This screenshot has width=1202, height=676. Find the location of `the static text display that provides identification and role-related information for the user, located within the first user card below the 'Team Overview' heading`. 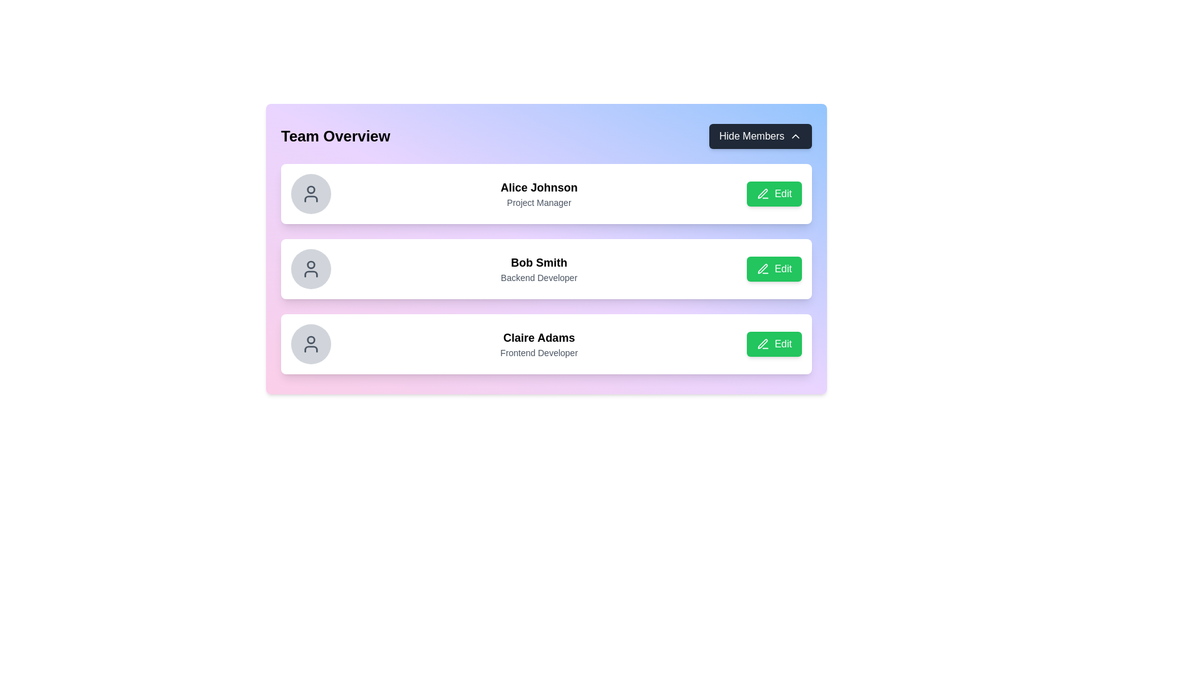

the static text display that provides identification and role-related information for the user, located within the first user card below the 'Team Overview' heading is located at coordinates (539, 193).